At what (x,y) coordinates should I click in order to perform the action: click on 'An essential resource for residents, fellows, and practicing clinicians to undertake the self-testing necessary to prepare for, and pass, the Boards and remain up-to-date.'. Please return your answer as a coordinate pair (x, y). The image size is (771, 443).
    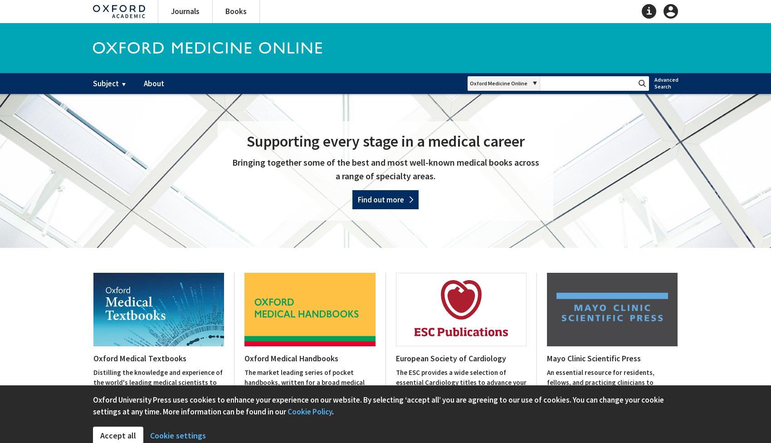
    Looking at the image, I should click on (607, 392).